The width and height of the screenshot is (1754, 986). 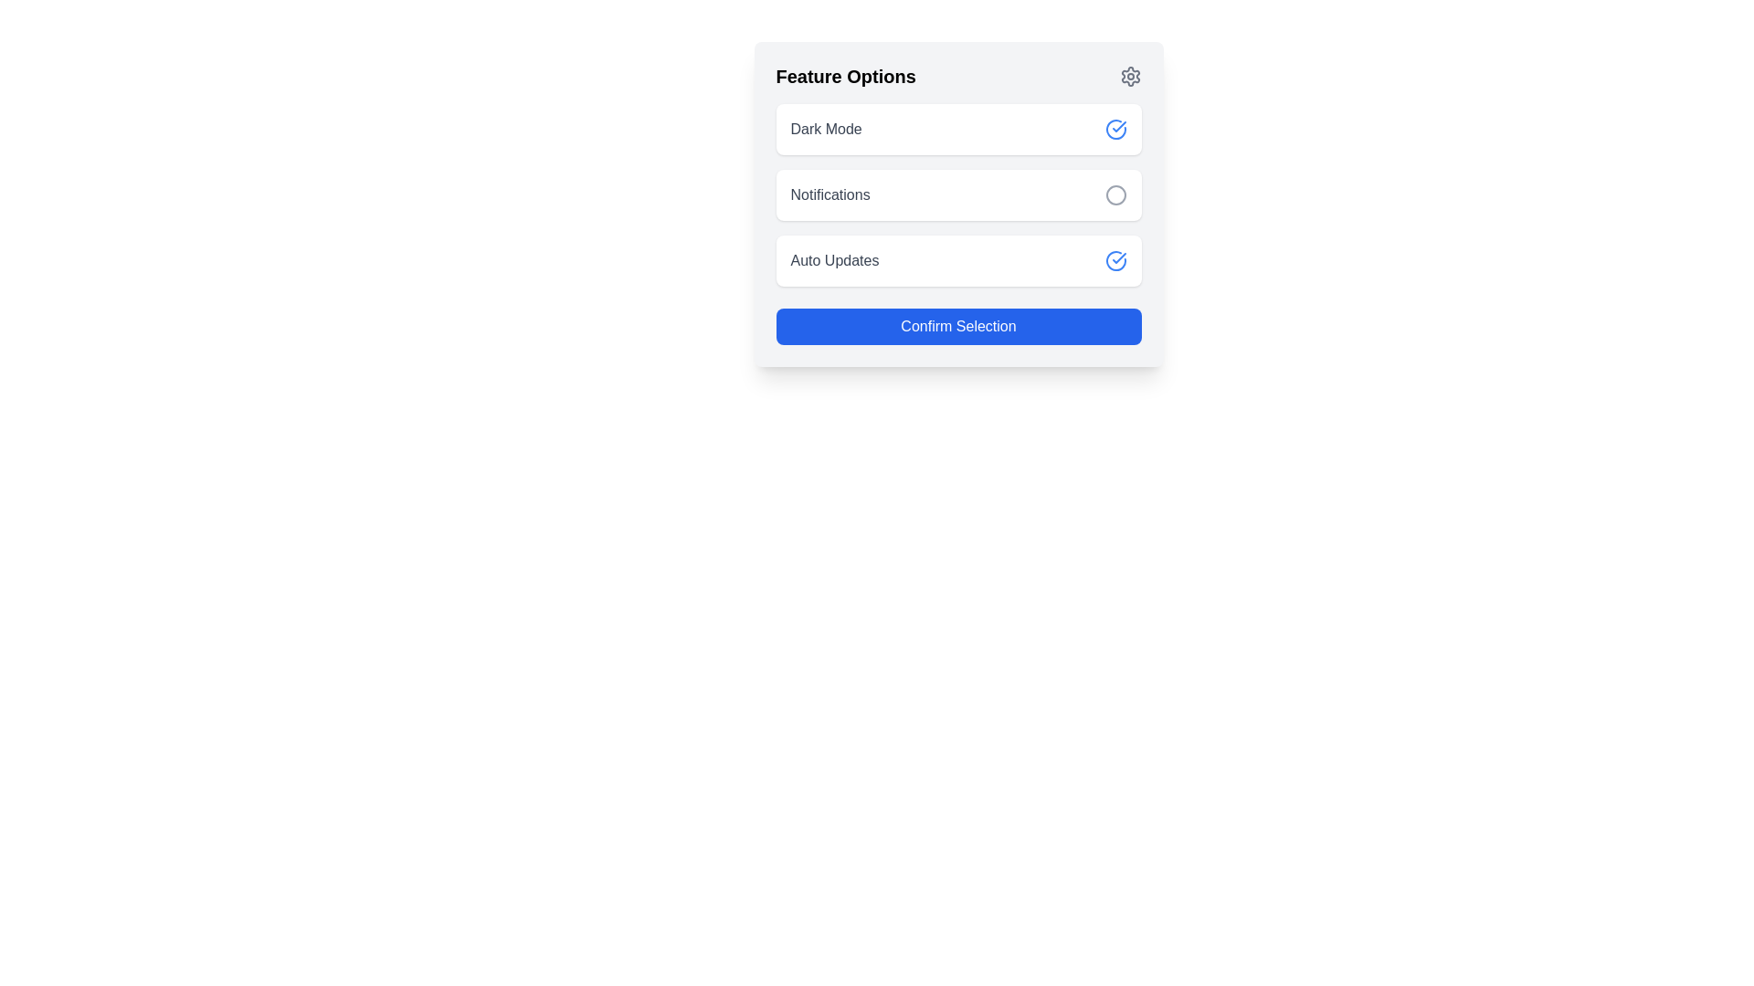 What do you see at coordinates (1117, 257) in the screenshot?
I see `the 'Auto Updates' status icon represented as an SVG graphic` at bounding box center [1117, 257].